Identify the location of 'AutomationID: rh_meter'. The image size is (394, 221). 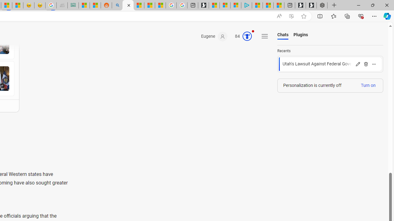
(247, 36).